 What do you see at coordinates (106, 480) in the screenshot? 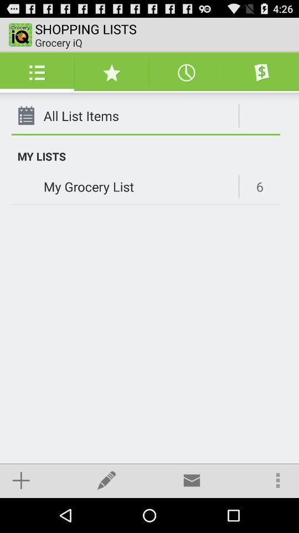
I see `the icon below my grocery list app` at bounding box center [106, 480].